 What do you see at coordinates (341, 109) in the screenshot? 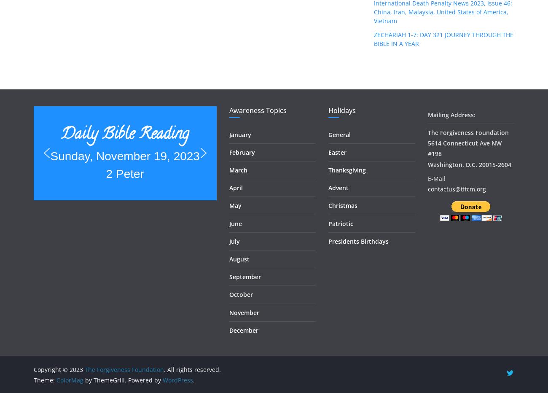
I see `'Holidays'` at bounding box center [341, 109].